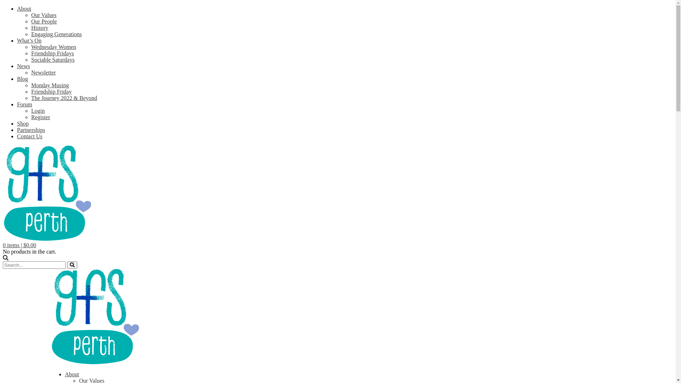 The image size is (681, 383). What do you see at coordinates (31, 27) in the screenshot?
I see `'History'` at bounding box center [31, 27].